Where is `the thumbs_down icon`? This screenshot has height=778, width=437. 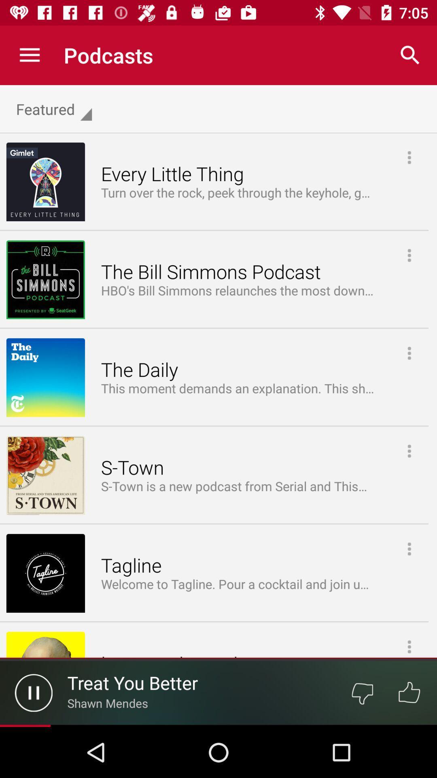 the thumbs_down icon is located at coordinates (362, 692).